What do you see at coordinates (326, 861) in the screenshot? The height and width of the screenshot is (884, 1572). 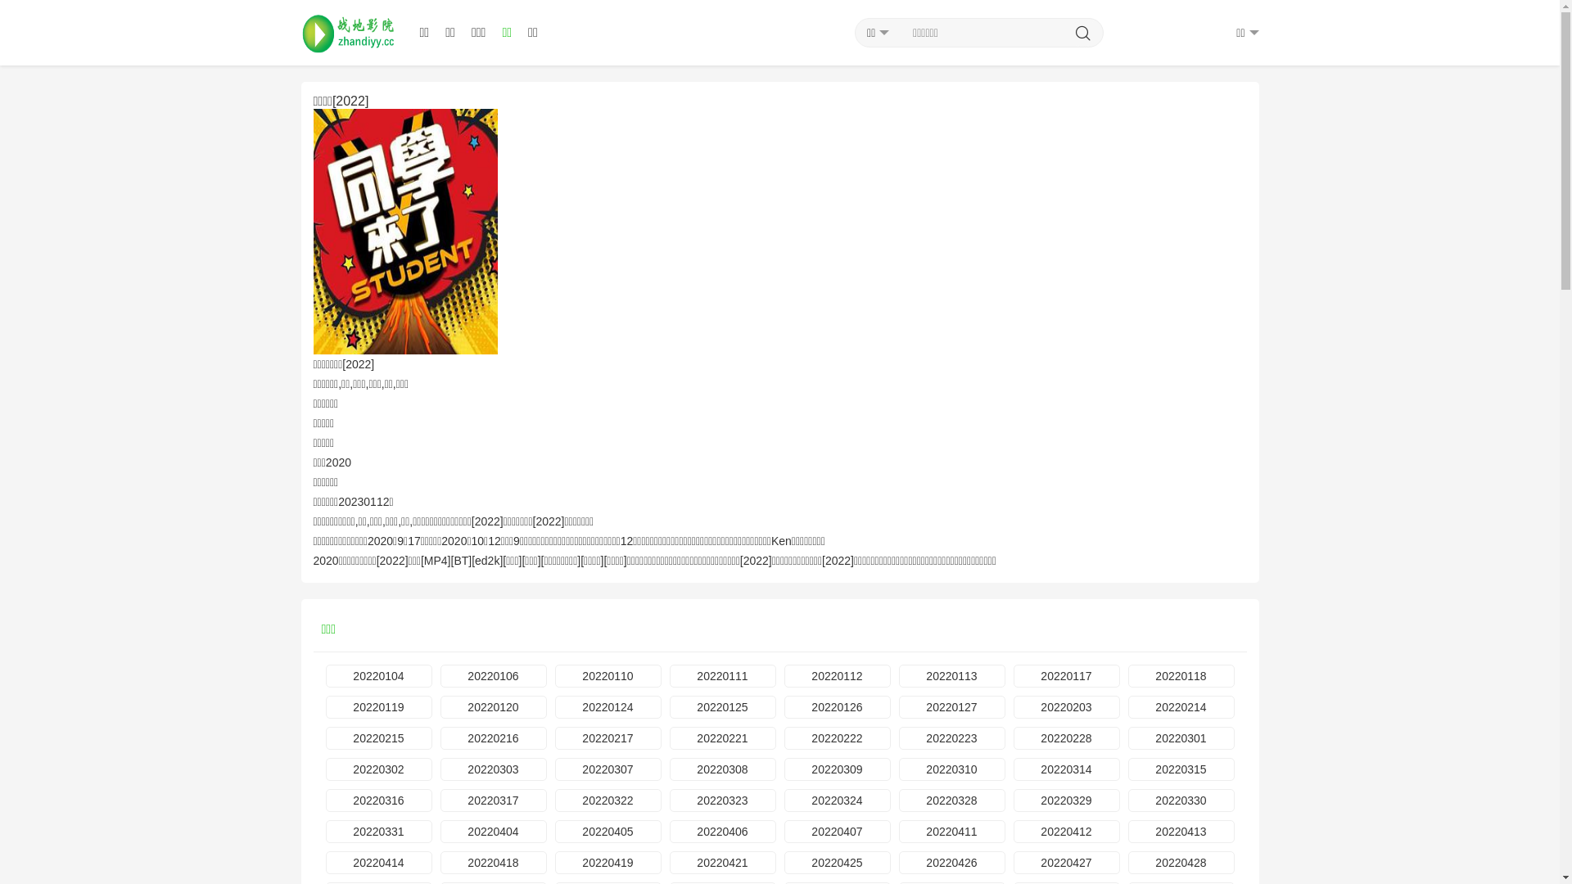 I see `'20220414'` at bounding box center [326, 861].